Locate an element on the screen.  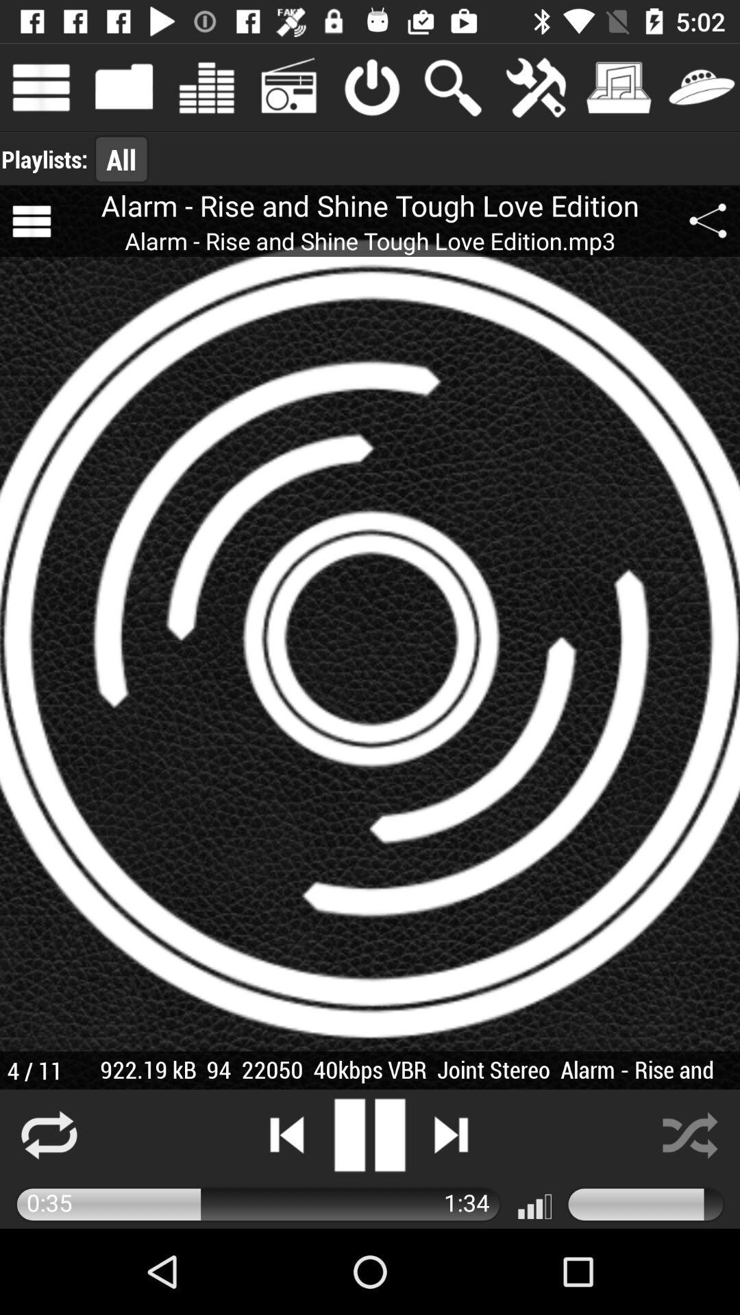
the folder icon is located at coordinates (124, 86).